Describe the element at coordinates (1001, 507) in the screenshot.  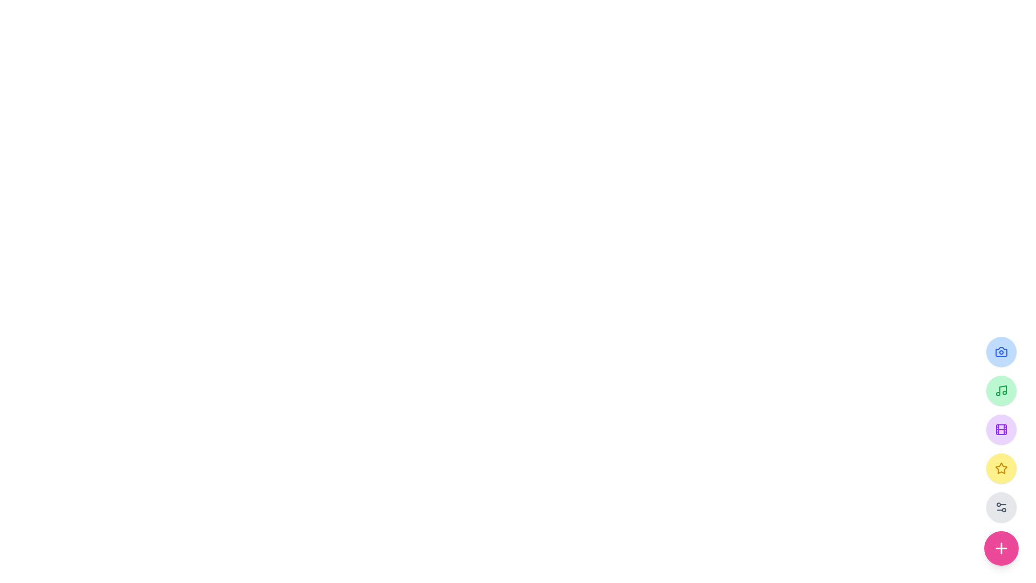
I see `the settings icon button` at that location.